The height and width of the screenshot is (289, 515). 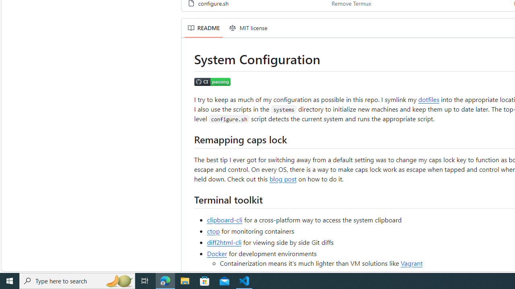 What do you see at coordinates (283, 178) in the screenshot?
I see `'blog post'` at bounding box center [283, 178].